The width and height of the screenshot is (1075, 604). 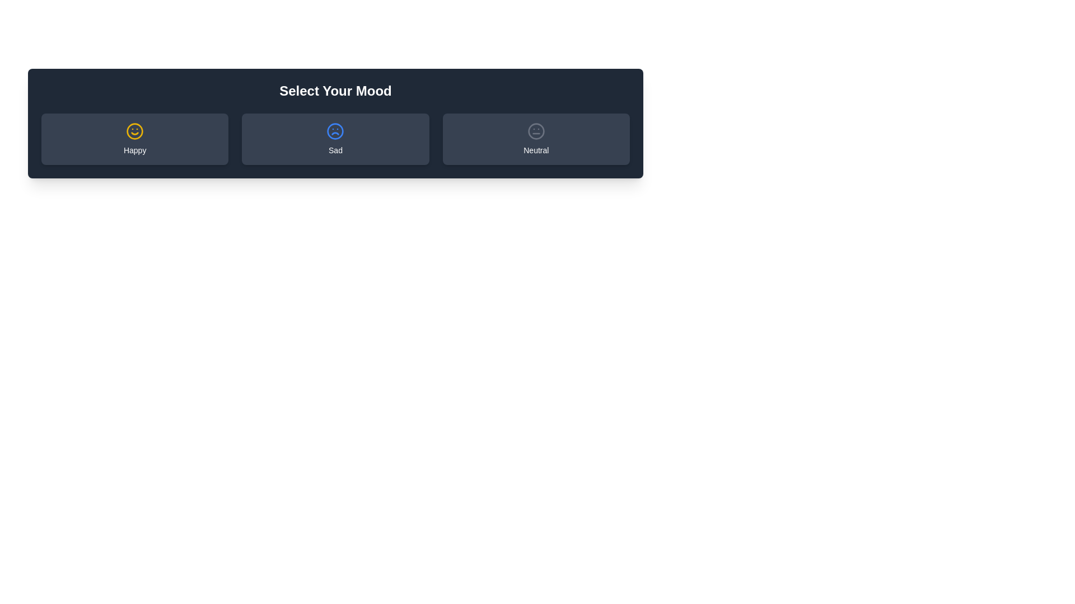 I want to click on the mood button labeled Happy, so click(x=134, y=139).